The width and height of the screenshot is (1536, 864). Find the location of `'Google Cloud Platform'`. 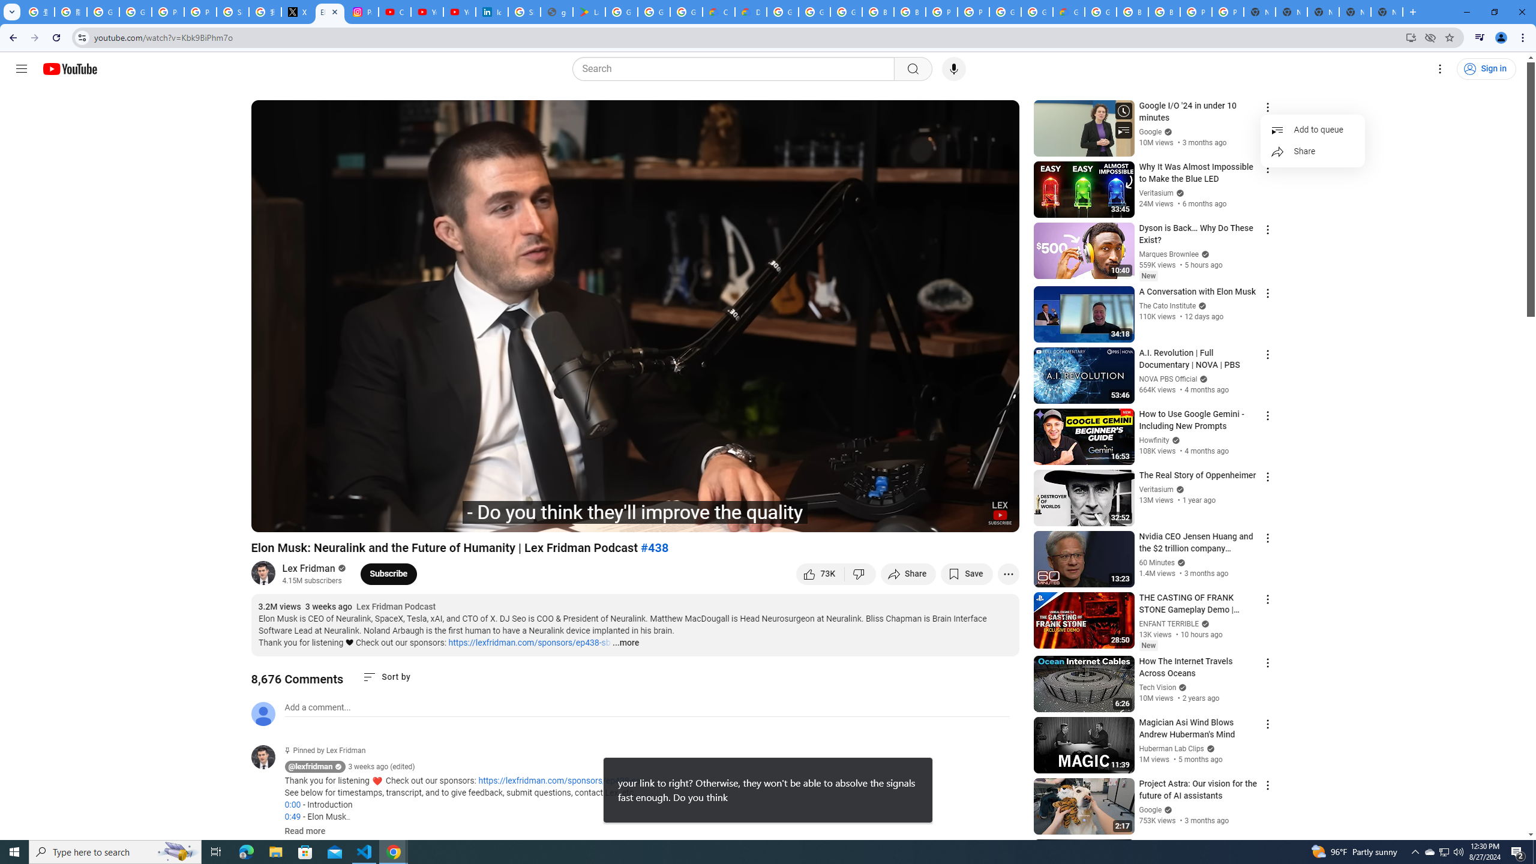

'Google Cloud Platform' is located at coordinates (1005, 11).